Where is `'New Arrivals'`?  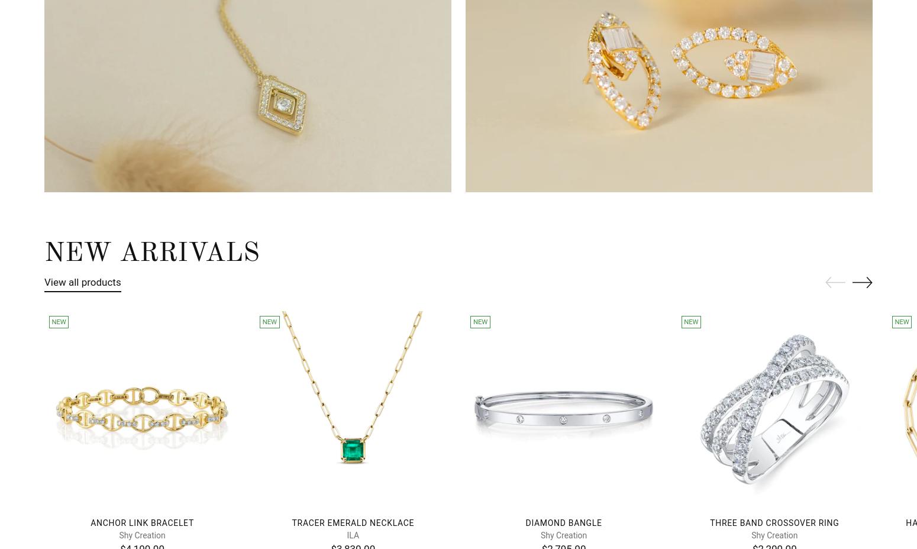
'New Arrivals' is located at coordinates (151, 254).